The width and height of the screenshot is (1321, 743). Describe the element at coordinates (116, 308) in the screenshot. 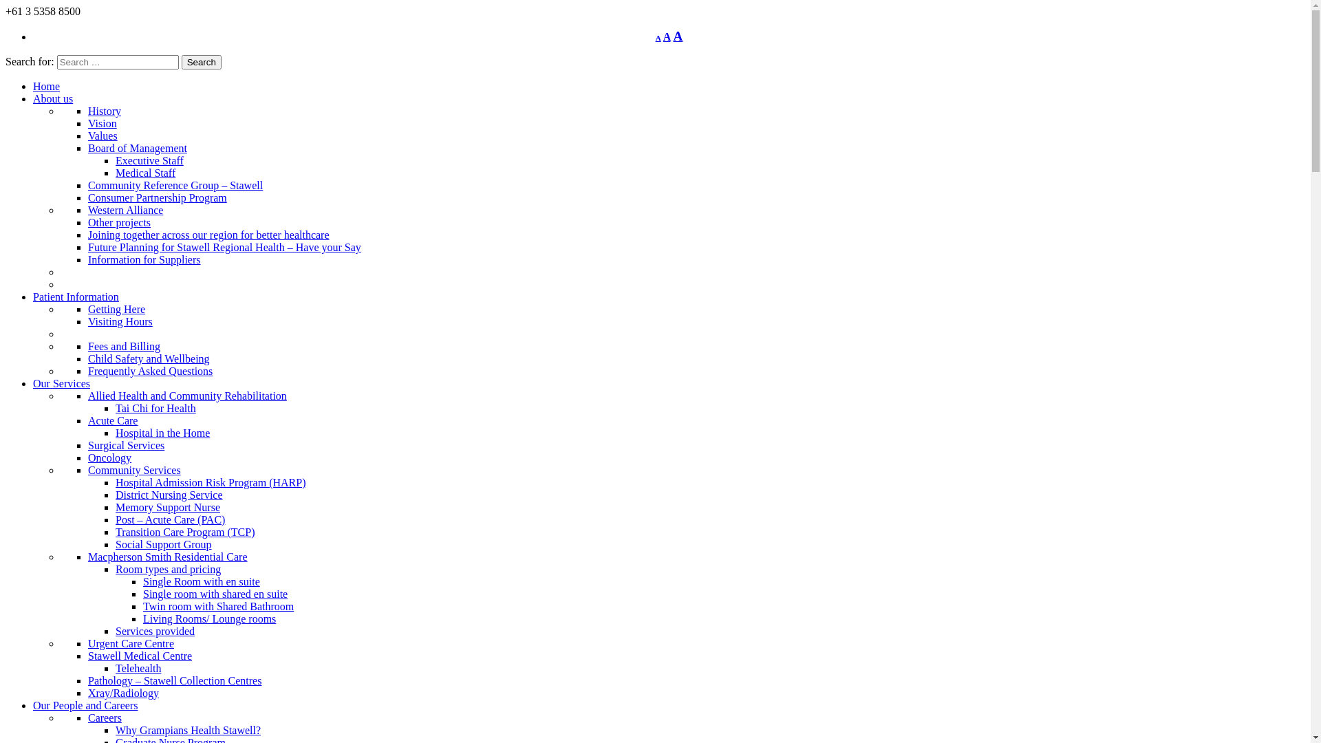

I see `'Getting Here'` at that location.